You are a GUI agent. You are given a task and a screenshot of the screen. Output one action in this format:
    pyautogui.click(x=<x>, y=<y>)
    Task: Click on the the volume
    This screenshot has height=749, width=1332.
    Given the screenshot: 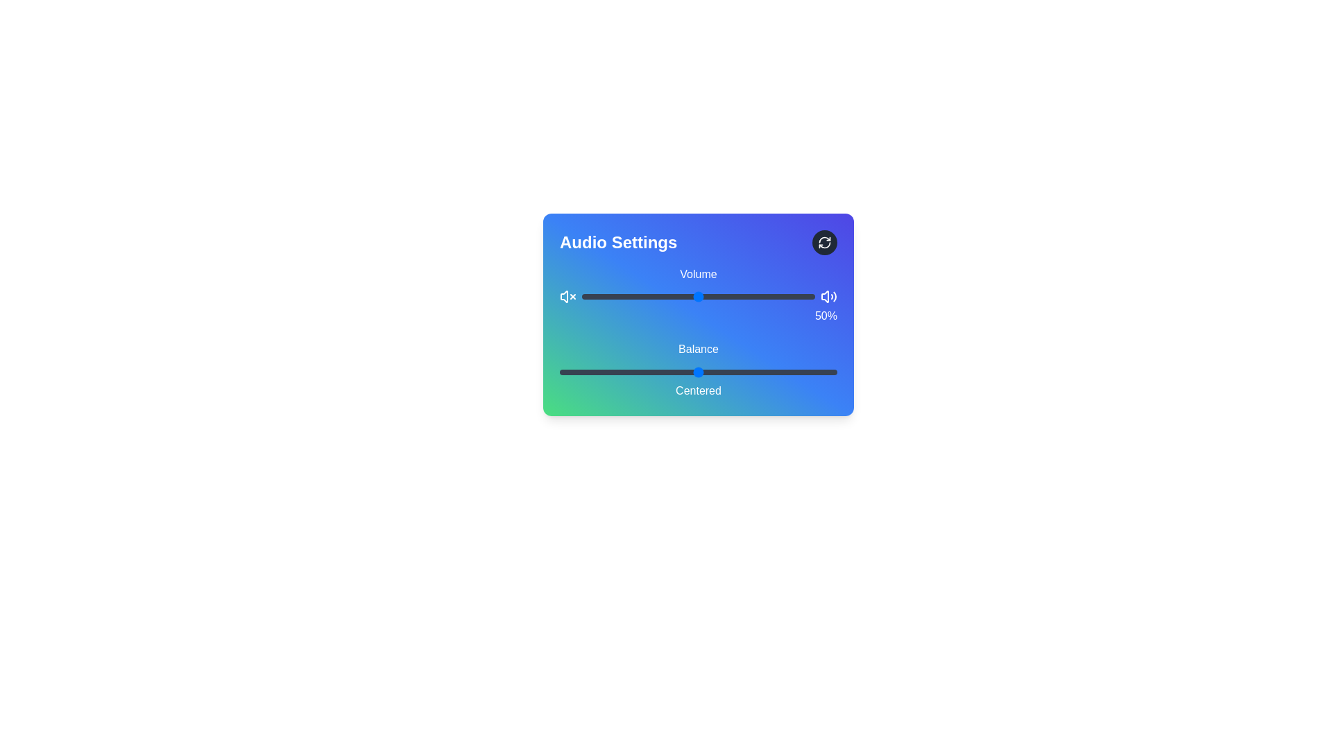 What is the action you would take?
    pyautogui.click(x=668, y=296)
    